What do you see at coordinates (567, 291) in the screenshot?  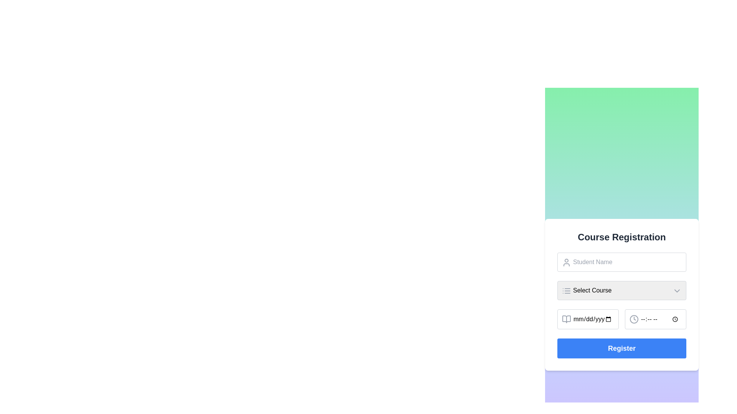 I see `the dropdown icon located on the left side of the 'Select Course' dropdown in the 'Course Registration' form` at bounding box center [567, 291].